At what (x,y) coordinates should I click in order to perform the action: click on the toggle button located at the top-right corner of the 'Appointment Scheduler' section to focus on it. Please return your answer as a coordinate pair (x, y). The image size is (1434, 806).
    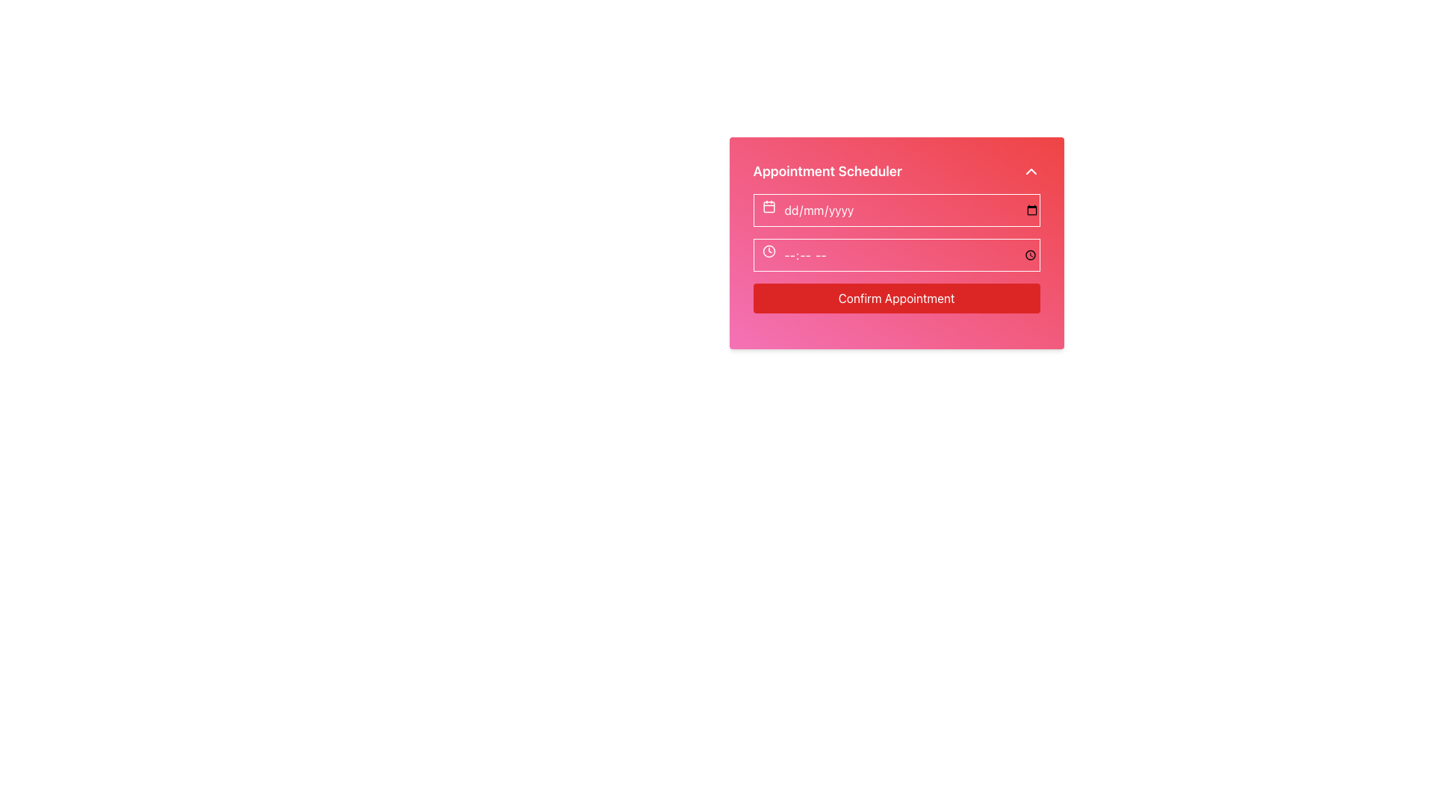
    Looking at the image, I should click on (1030, 171).